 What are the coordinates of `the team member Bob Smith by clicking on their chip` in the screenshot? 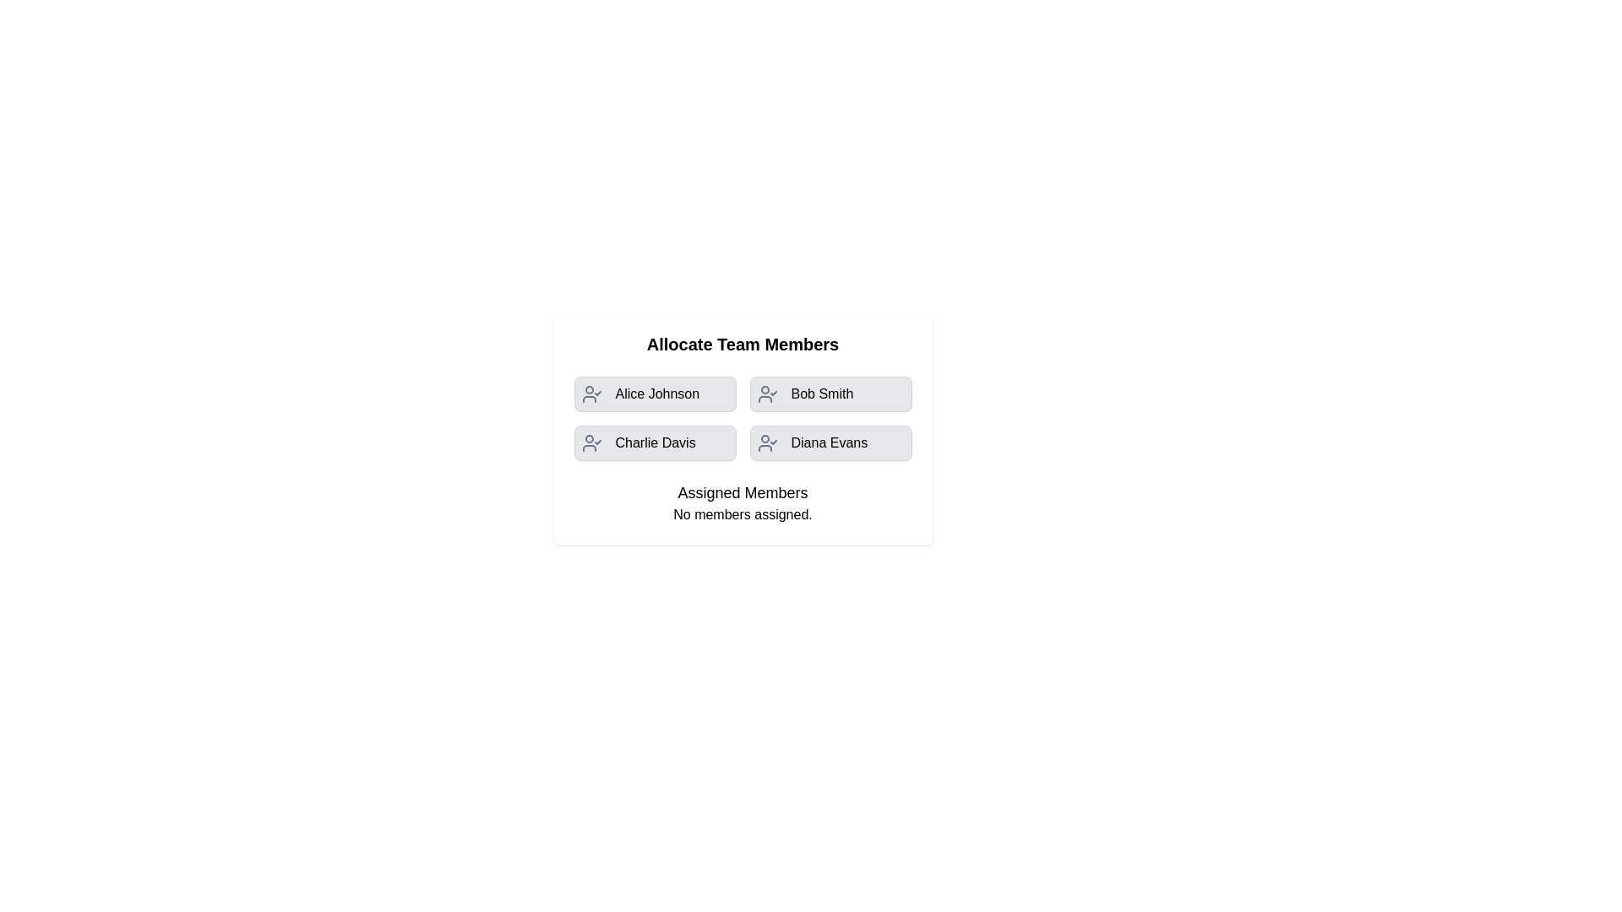 It's located at (830, 394).